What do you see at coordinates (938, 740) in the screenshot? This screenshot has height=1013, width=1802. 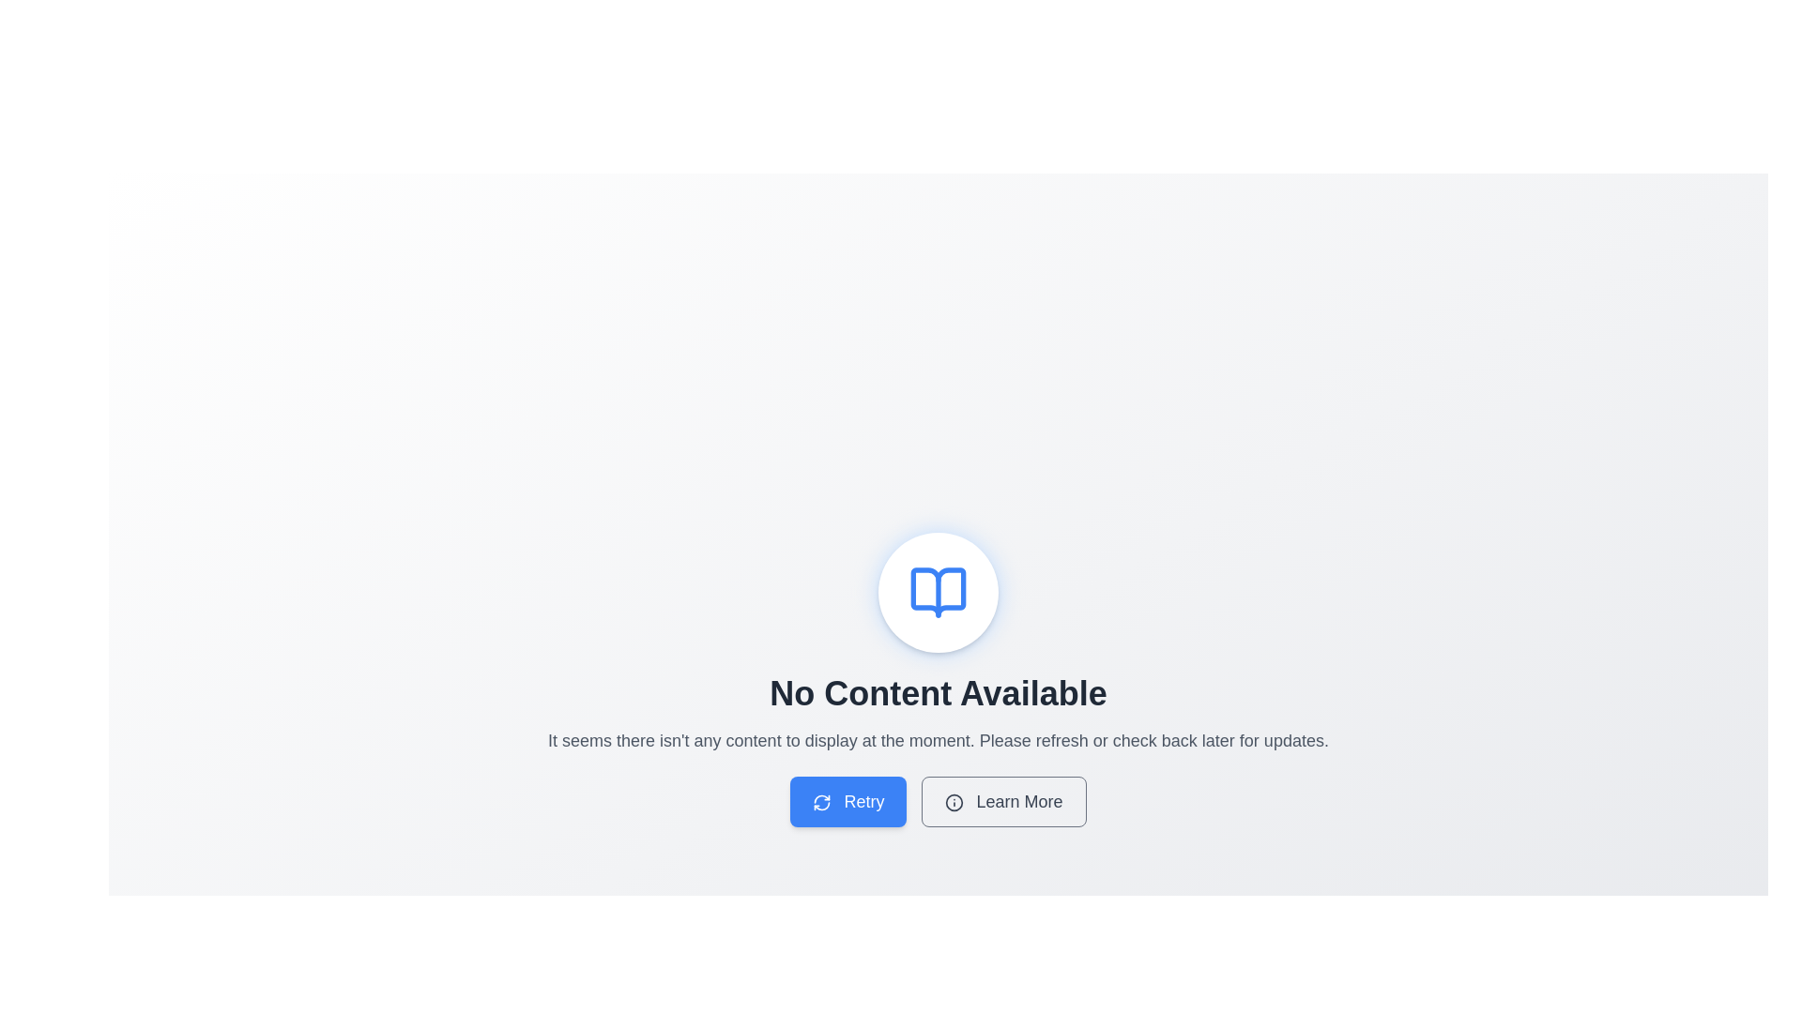 I see `the informational label displaying the message 'It seems there isn't any content` at bounding box center [938, 740].